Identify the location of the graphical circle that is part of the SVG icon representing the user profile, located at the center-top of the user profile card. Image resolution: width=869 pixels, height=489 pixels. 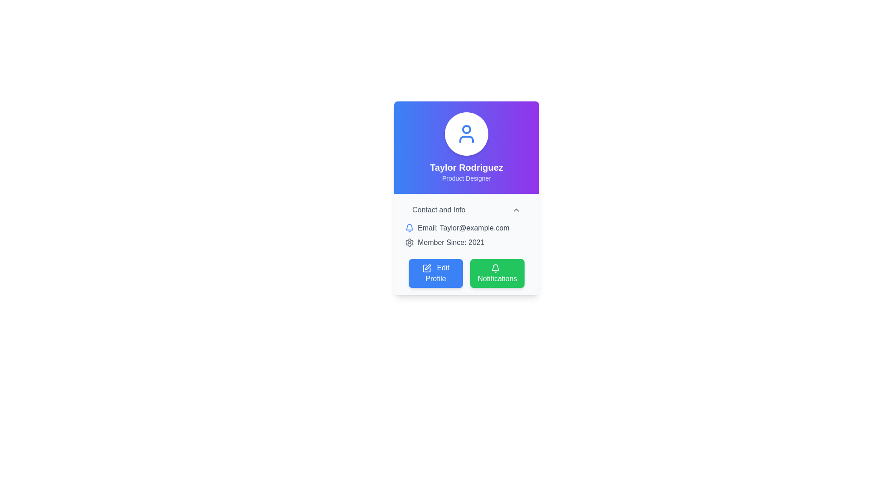
(467, 129).